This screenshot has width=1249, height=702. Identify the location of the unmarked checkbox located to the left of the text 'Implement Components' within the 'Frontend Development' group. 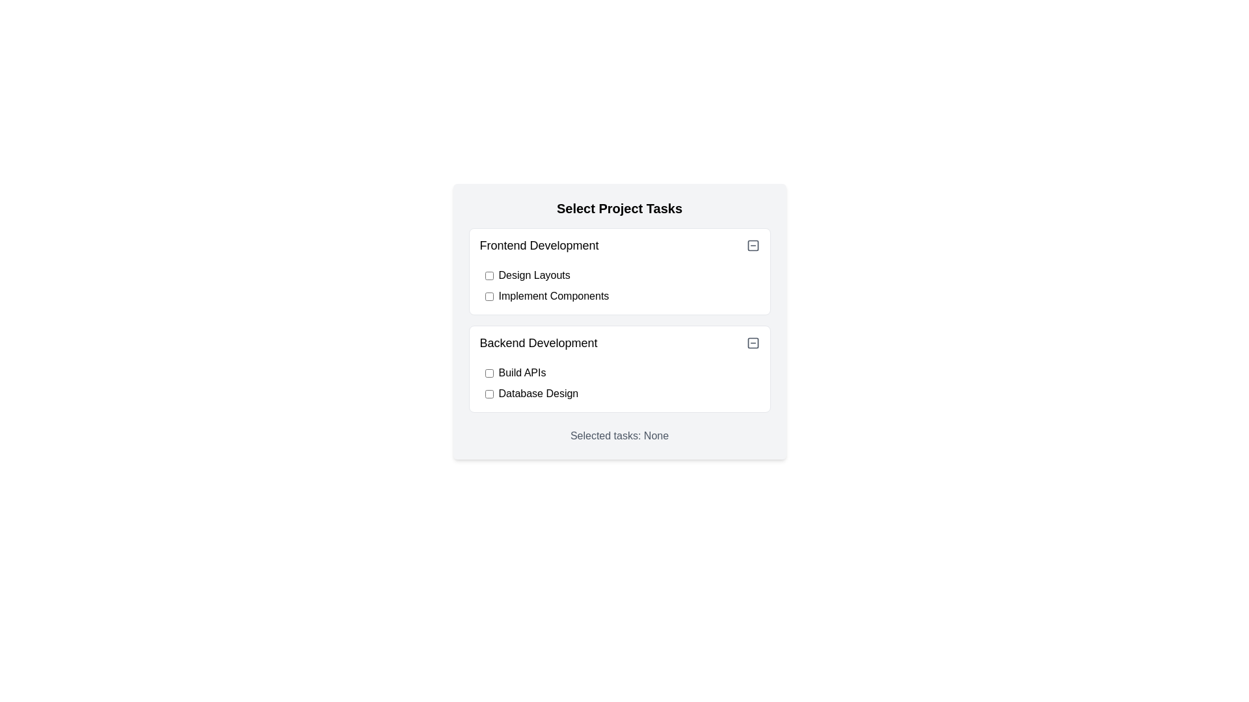
(489, 296).